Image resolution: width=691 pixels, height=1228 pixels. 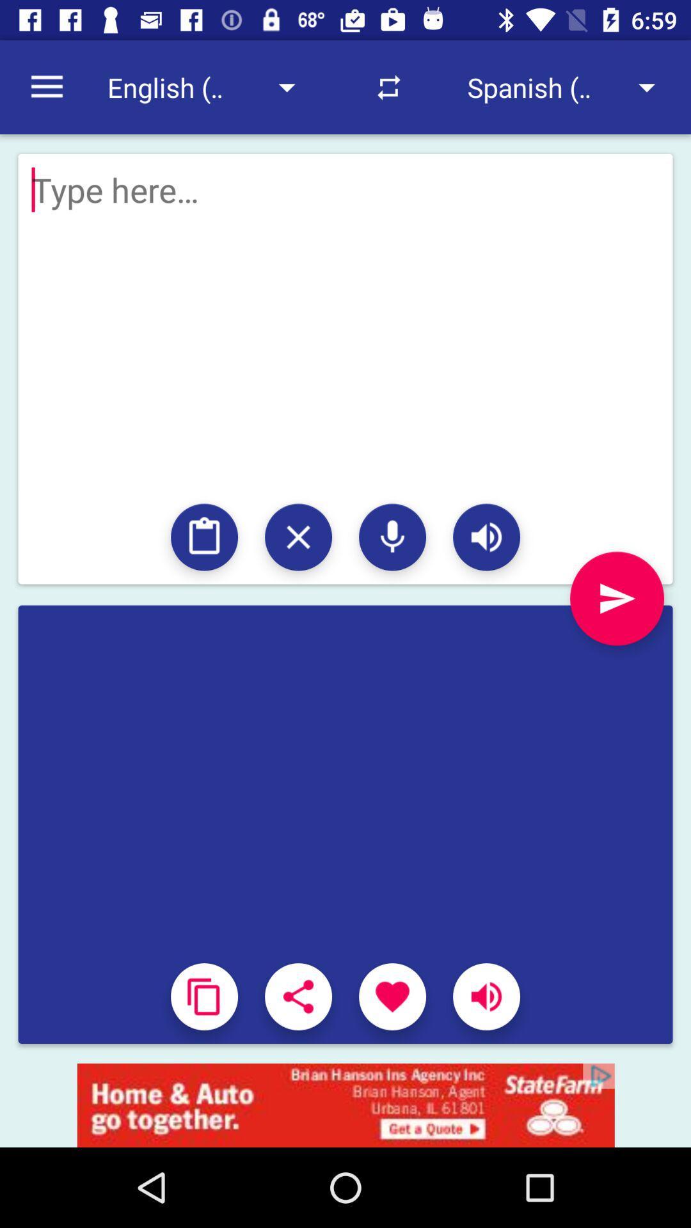 I want to click on microphone, so click(x=392, y=537).